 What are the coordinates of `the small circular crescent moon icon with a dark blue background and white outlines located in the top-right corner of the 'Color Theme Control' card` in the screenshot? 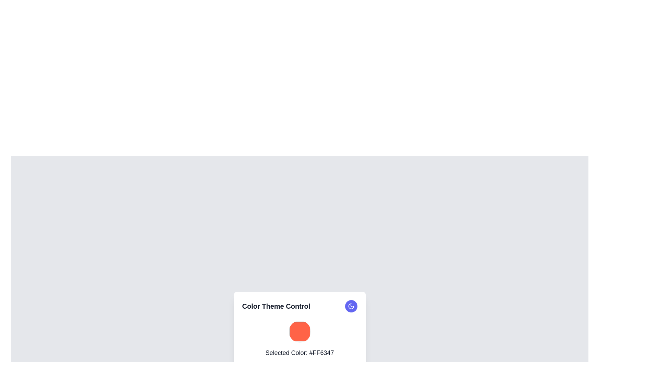 It's located at (351, 306).